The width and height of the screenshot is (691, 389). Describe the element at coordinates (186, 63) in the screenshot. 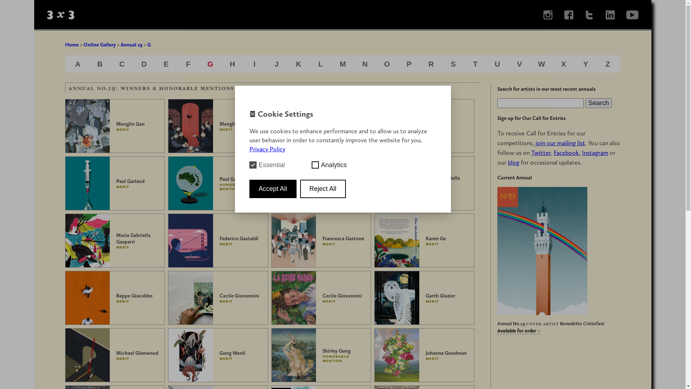

I see `'F'` at that location.